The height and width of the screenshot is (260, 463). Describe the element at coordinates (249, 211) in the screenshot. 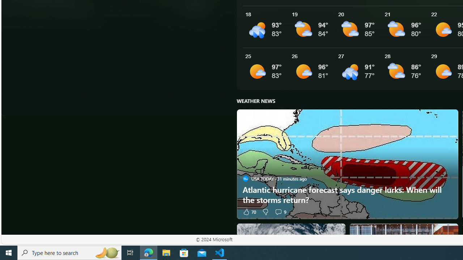

I see `'70 Like'` at that location.